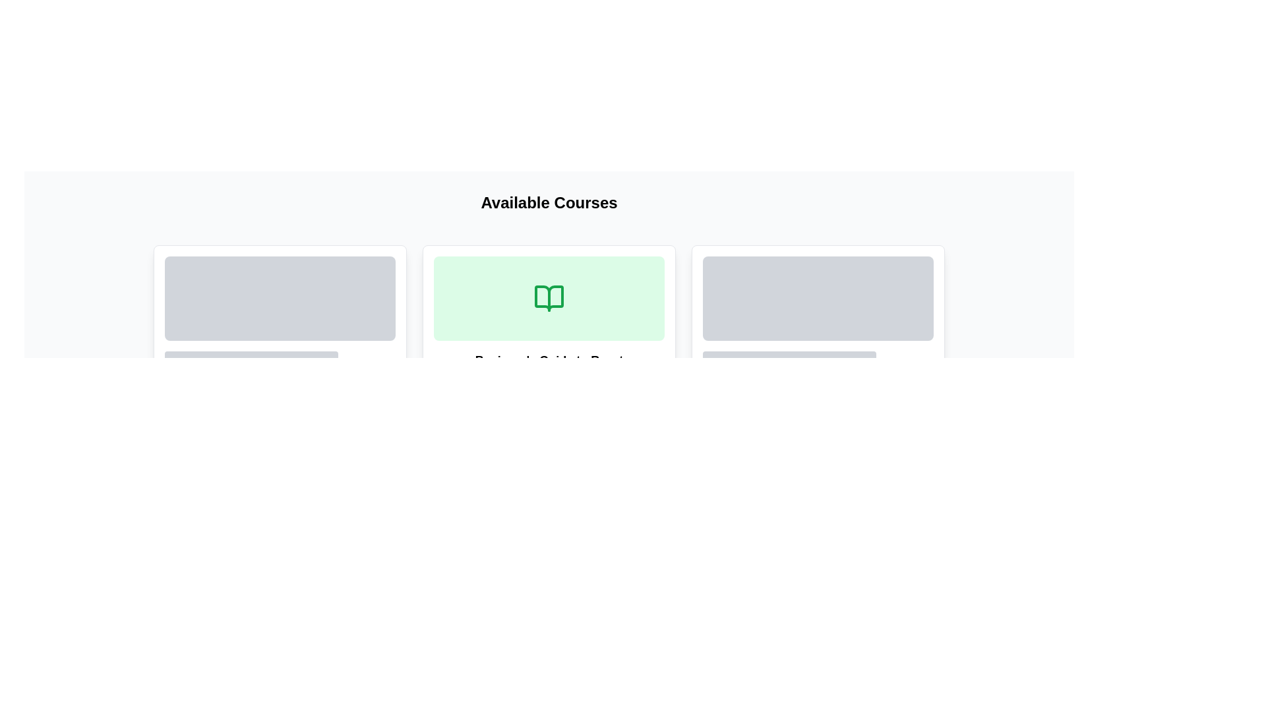 Image resolution: width=1266 pixels, height=712 pixels. Describe the element at coordinates (818, 339) in the screenshot. I see `the third card in the bottom-right position of the grid layout that displays related content, including an image, title, and description` at that location.